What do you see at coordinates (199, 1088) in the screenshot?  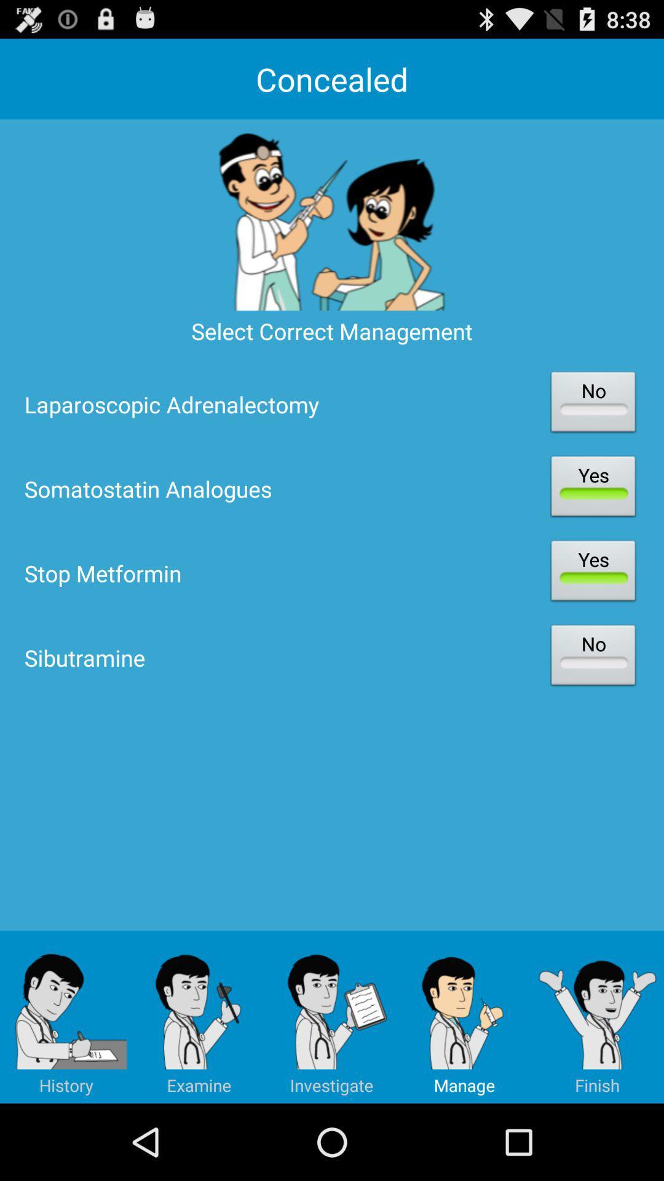 I see `the edit icon` at bounding box center [199, 1088].